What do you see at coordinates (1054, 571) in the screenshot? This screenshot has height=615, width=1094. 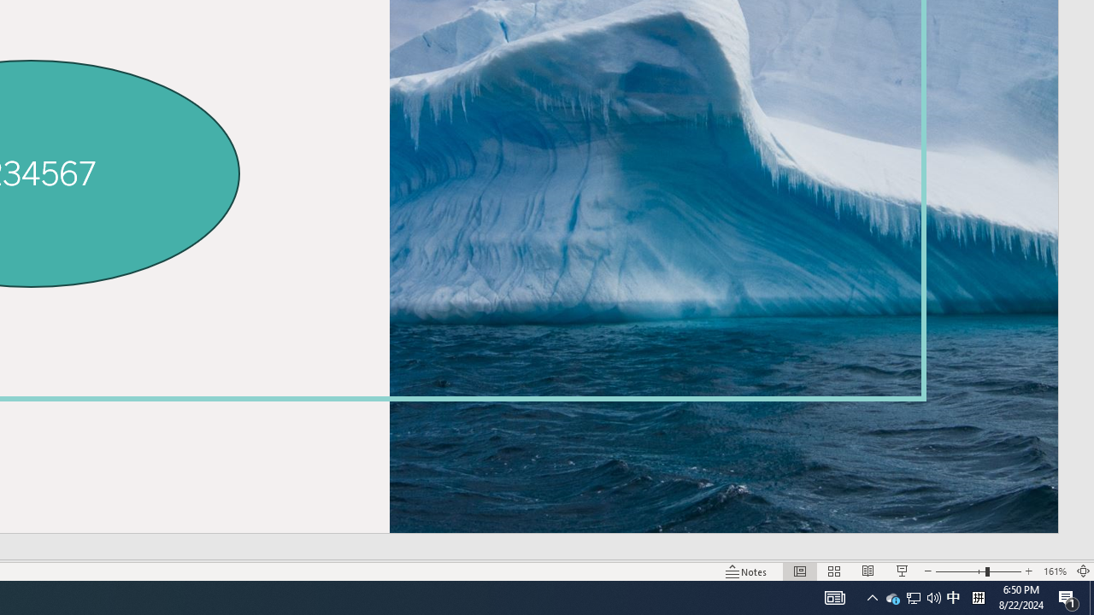 I see `'Zoom 161%'` at bounding box center [1054, 571].